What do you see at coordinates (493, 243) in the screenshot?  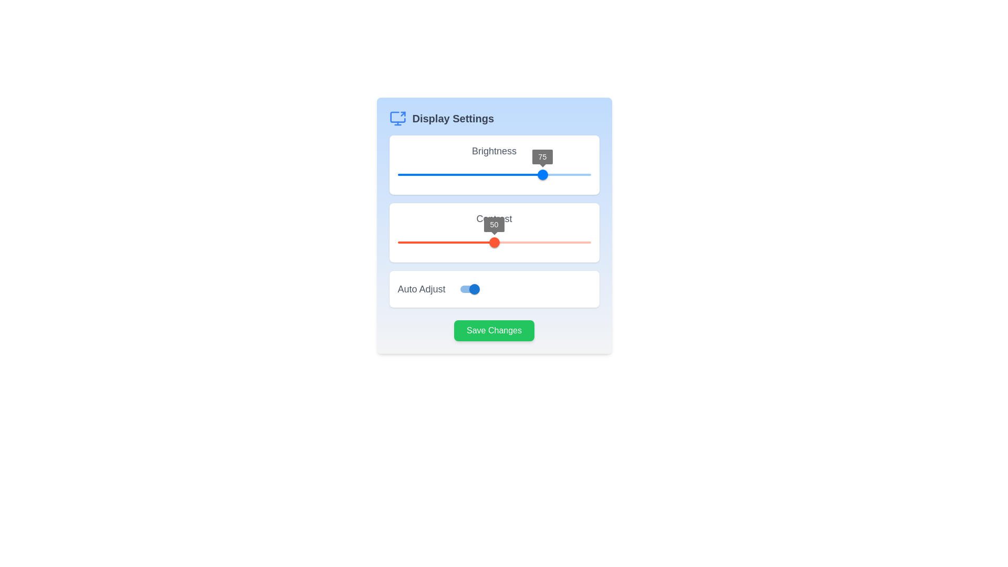 I see `the circular slider thumb labeled 'Contrast' that displays the number '50', positioned at the midpoint of the slider track` at bounding box center [493, 243].